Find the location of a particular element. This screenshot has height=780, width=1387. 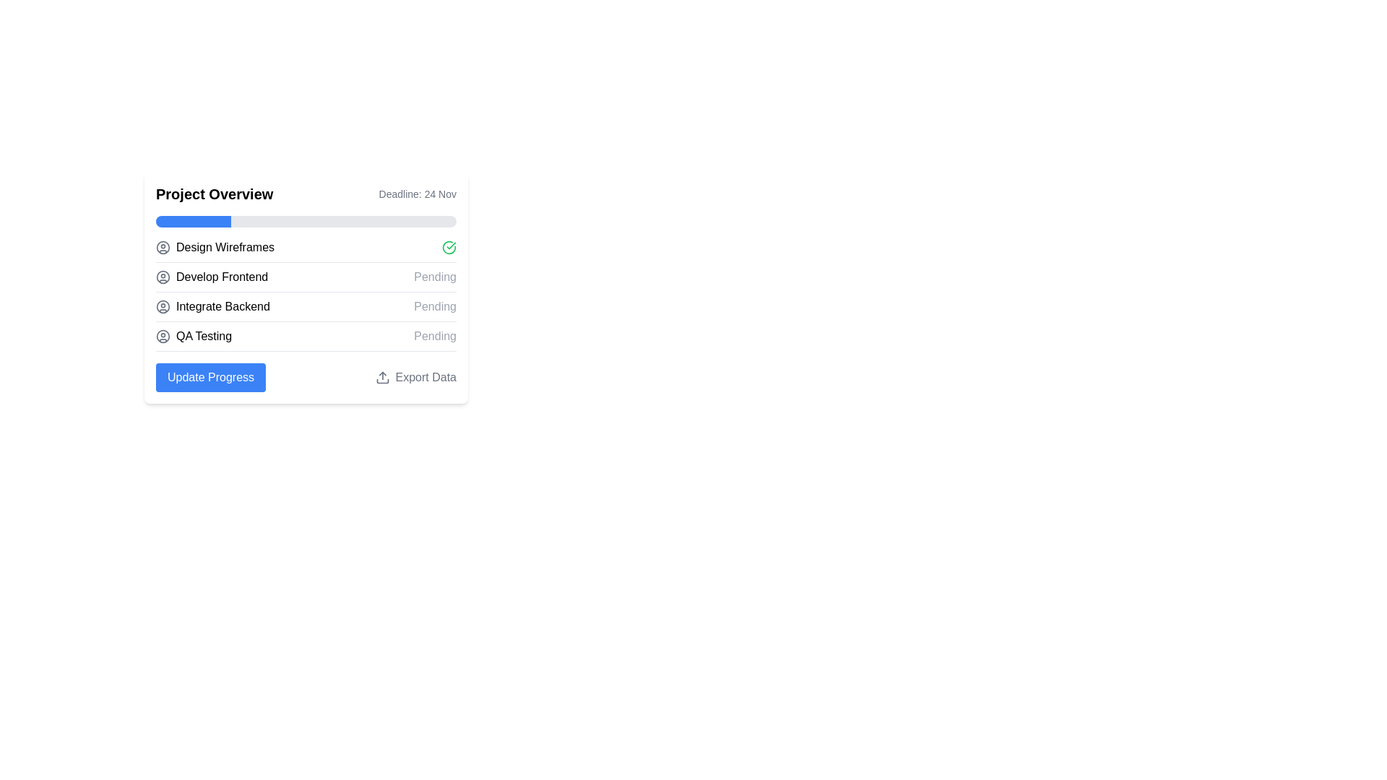

'Pending' status label indicating the current status of the 'QA Testing' task in the project dashboard, which is the fourth status indicator in the task list is located at coordinates (434, 337).